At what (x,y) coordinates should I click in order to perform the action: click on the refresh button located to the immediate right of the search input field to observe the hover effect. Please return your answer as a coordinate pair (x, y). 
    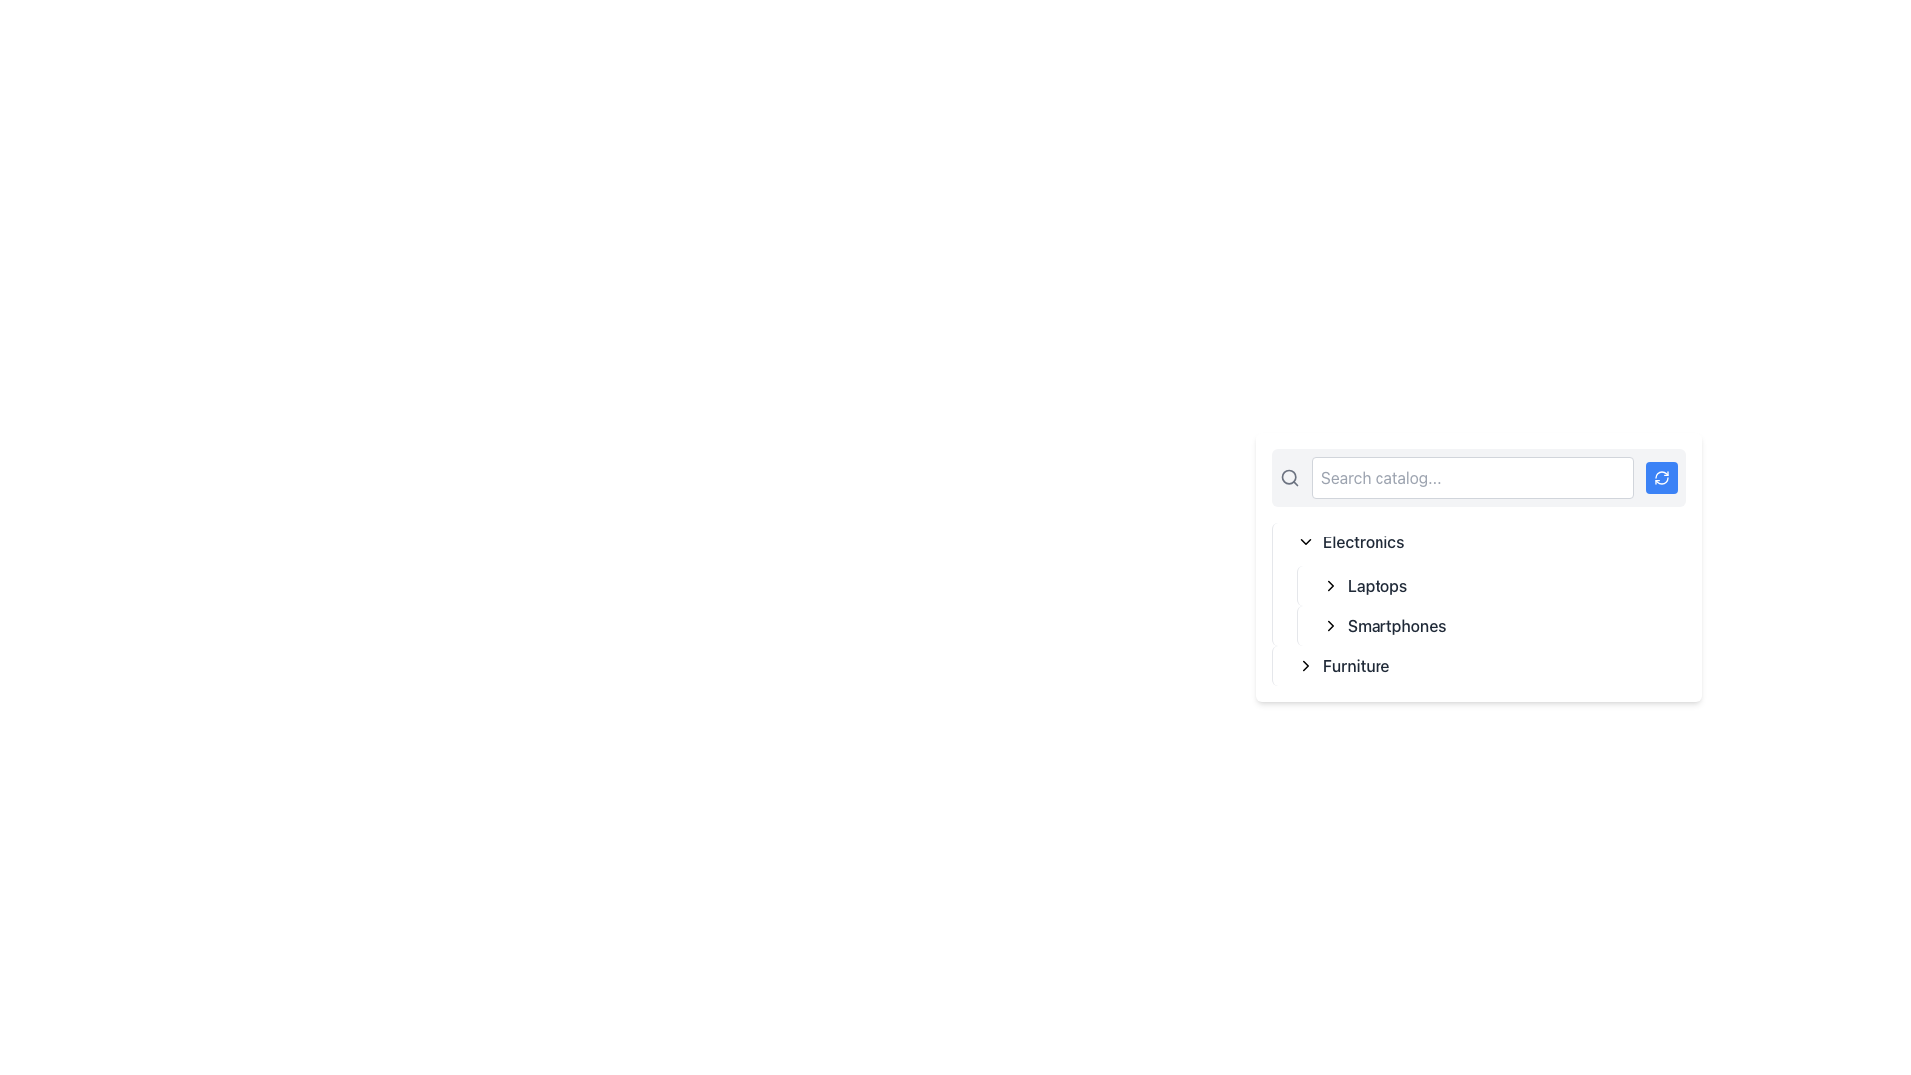
    Looking at the image, I should click on (1662, 477).